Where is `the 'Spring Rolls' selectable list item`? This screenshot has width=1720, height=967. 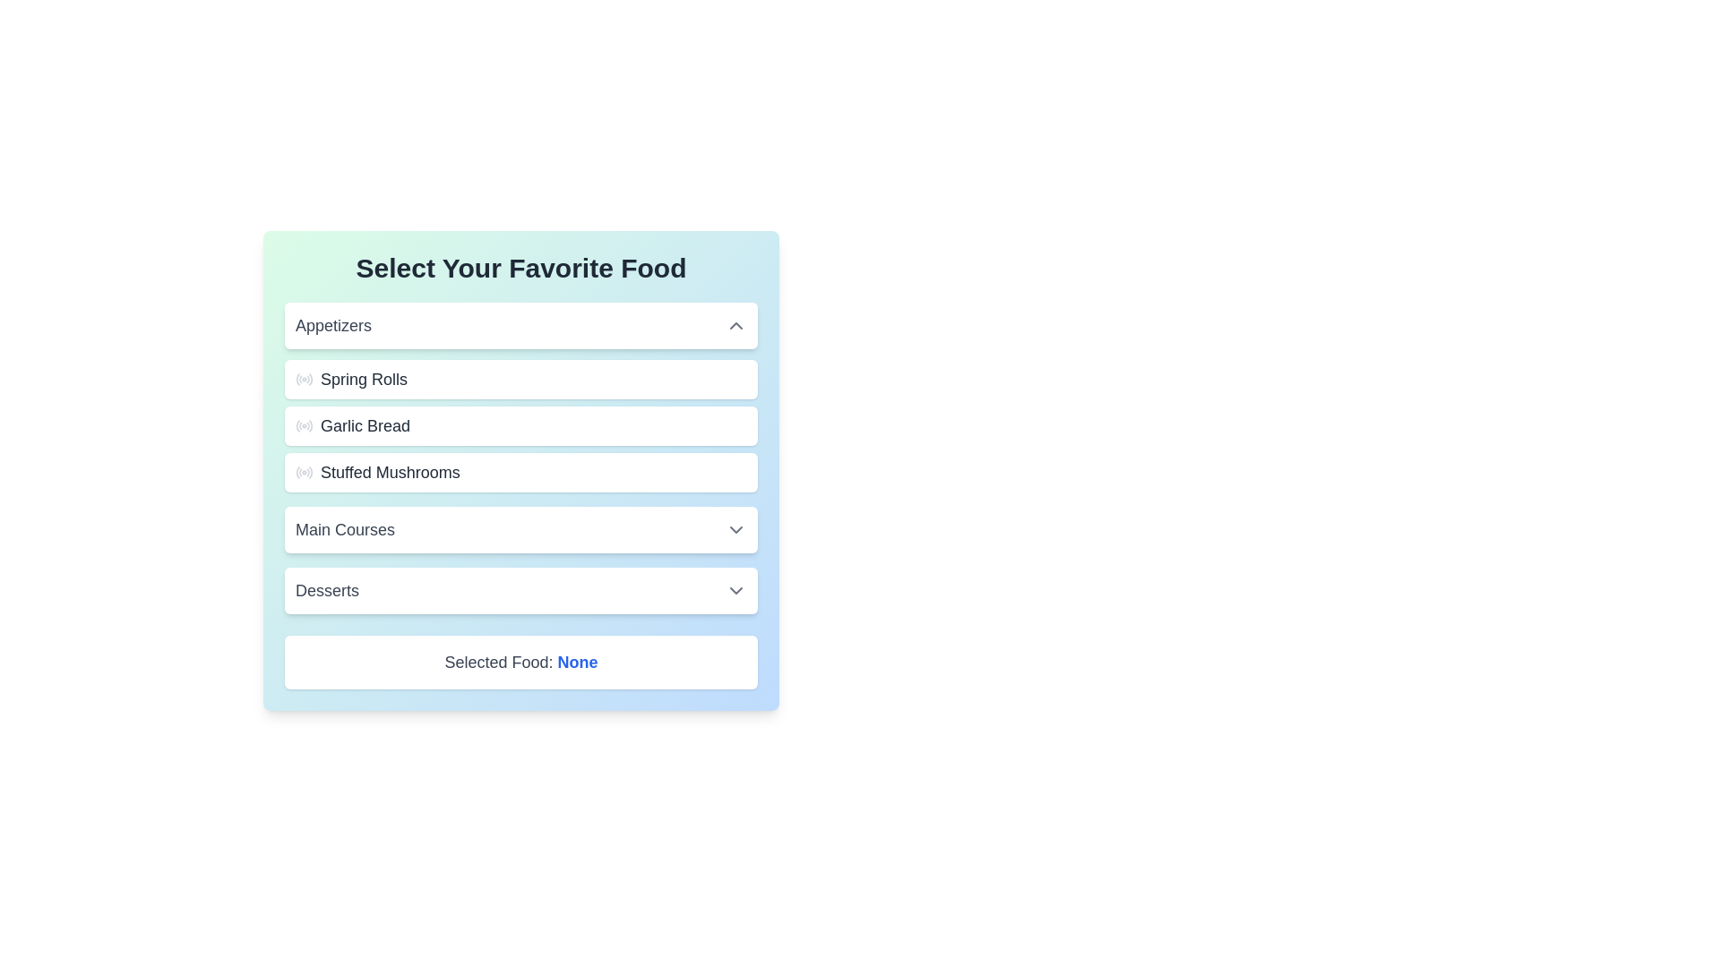 the 'Spring Rolls' selectable list item is located at coordinates (520, 379).